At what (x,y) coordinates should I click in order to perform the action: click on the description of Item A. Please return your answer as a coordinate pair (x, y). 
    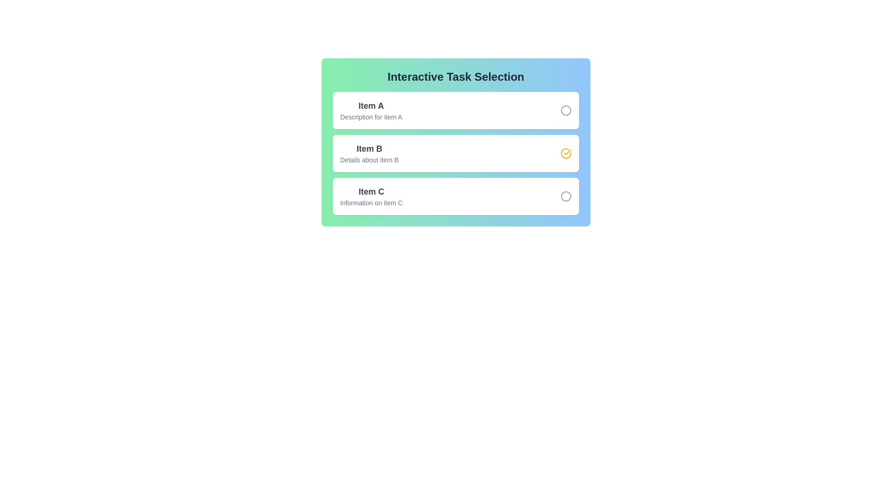
    Looking at the image, I should click on (371, 110).